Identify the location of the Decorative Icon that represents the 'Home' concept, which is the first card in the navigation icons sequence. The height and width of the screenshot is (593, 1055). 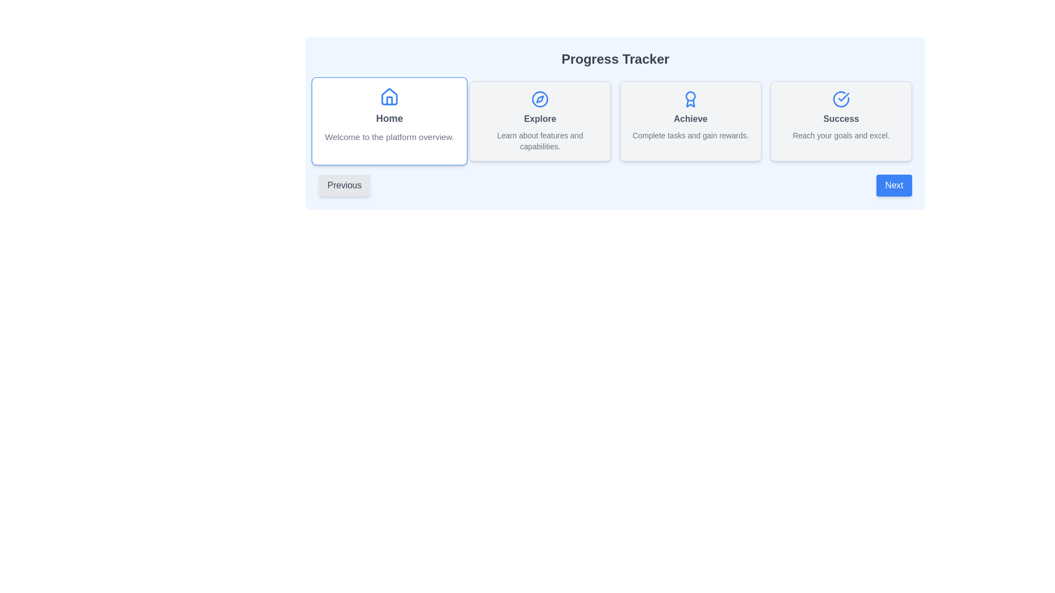
(390, 96).